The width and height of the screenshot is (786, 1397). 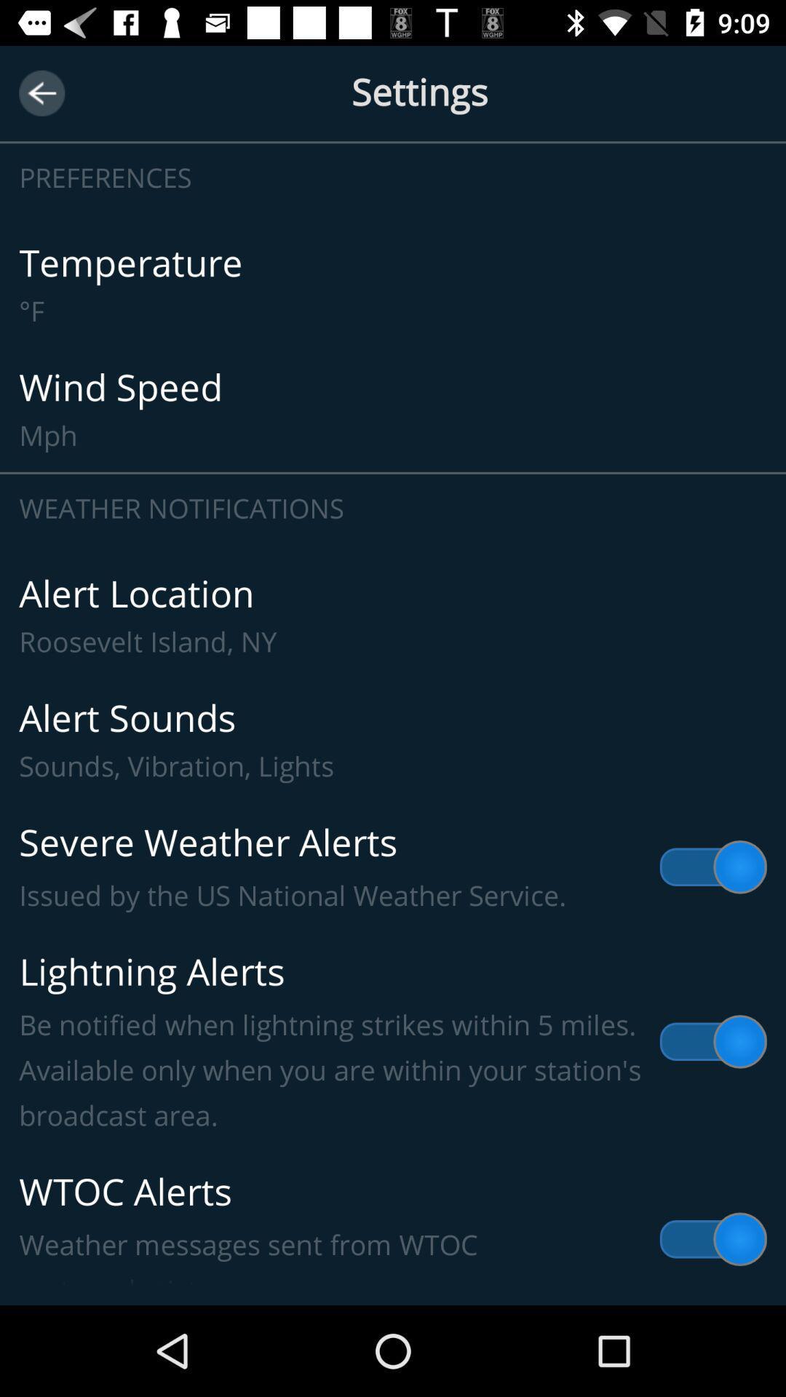 What do you see at coordinates (393, 1041) in the screenshot?
I see `the icon above wtoc alerts weather` at bounding box center [393, 1041].